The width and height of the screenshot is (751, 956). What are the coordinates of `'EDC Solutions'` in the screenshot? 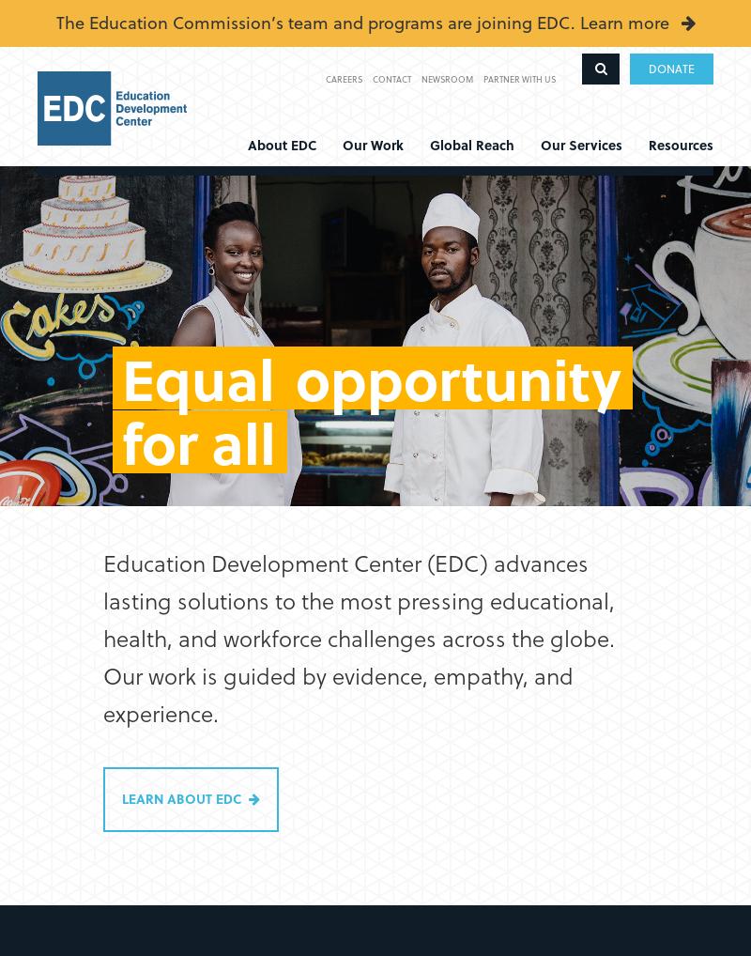 It's located at (577, 340).